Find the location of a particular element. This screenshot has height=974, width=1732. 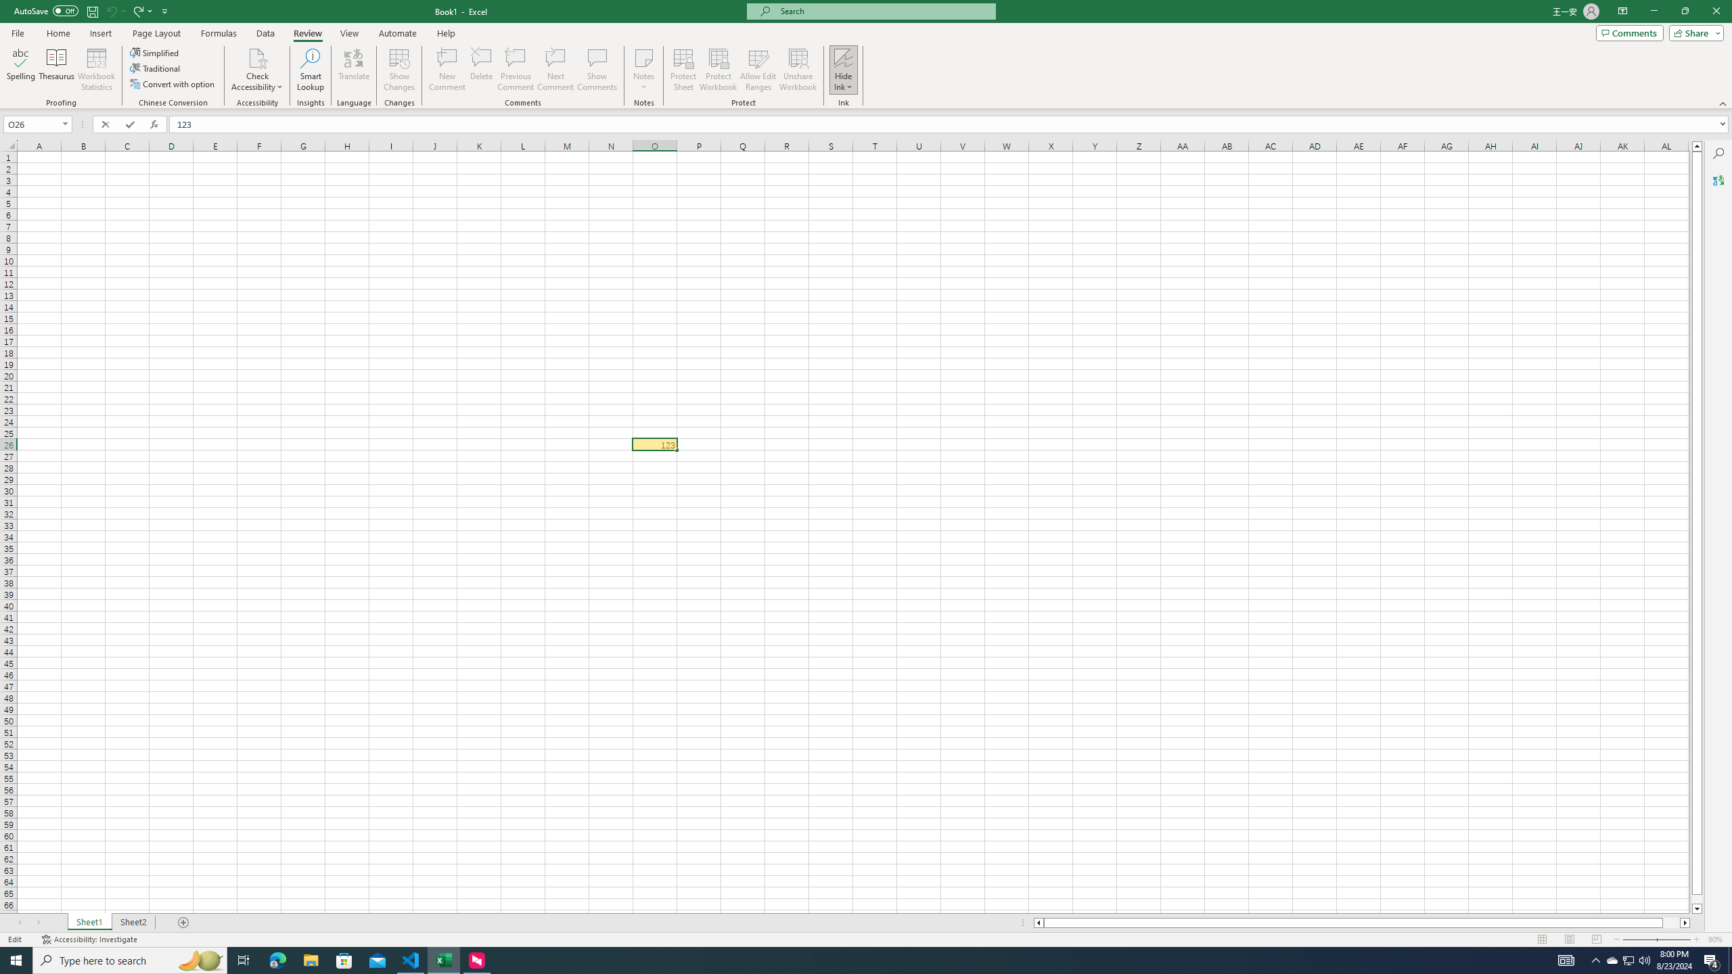

'Ribbon Display Options' is located at coordinates (1622, 11).